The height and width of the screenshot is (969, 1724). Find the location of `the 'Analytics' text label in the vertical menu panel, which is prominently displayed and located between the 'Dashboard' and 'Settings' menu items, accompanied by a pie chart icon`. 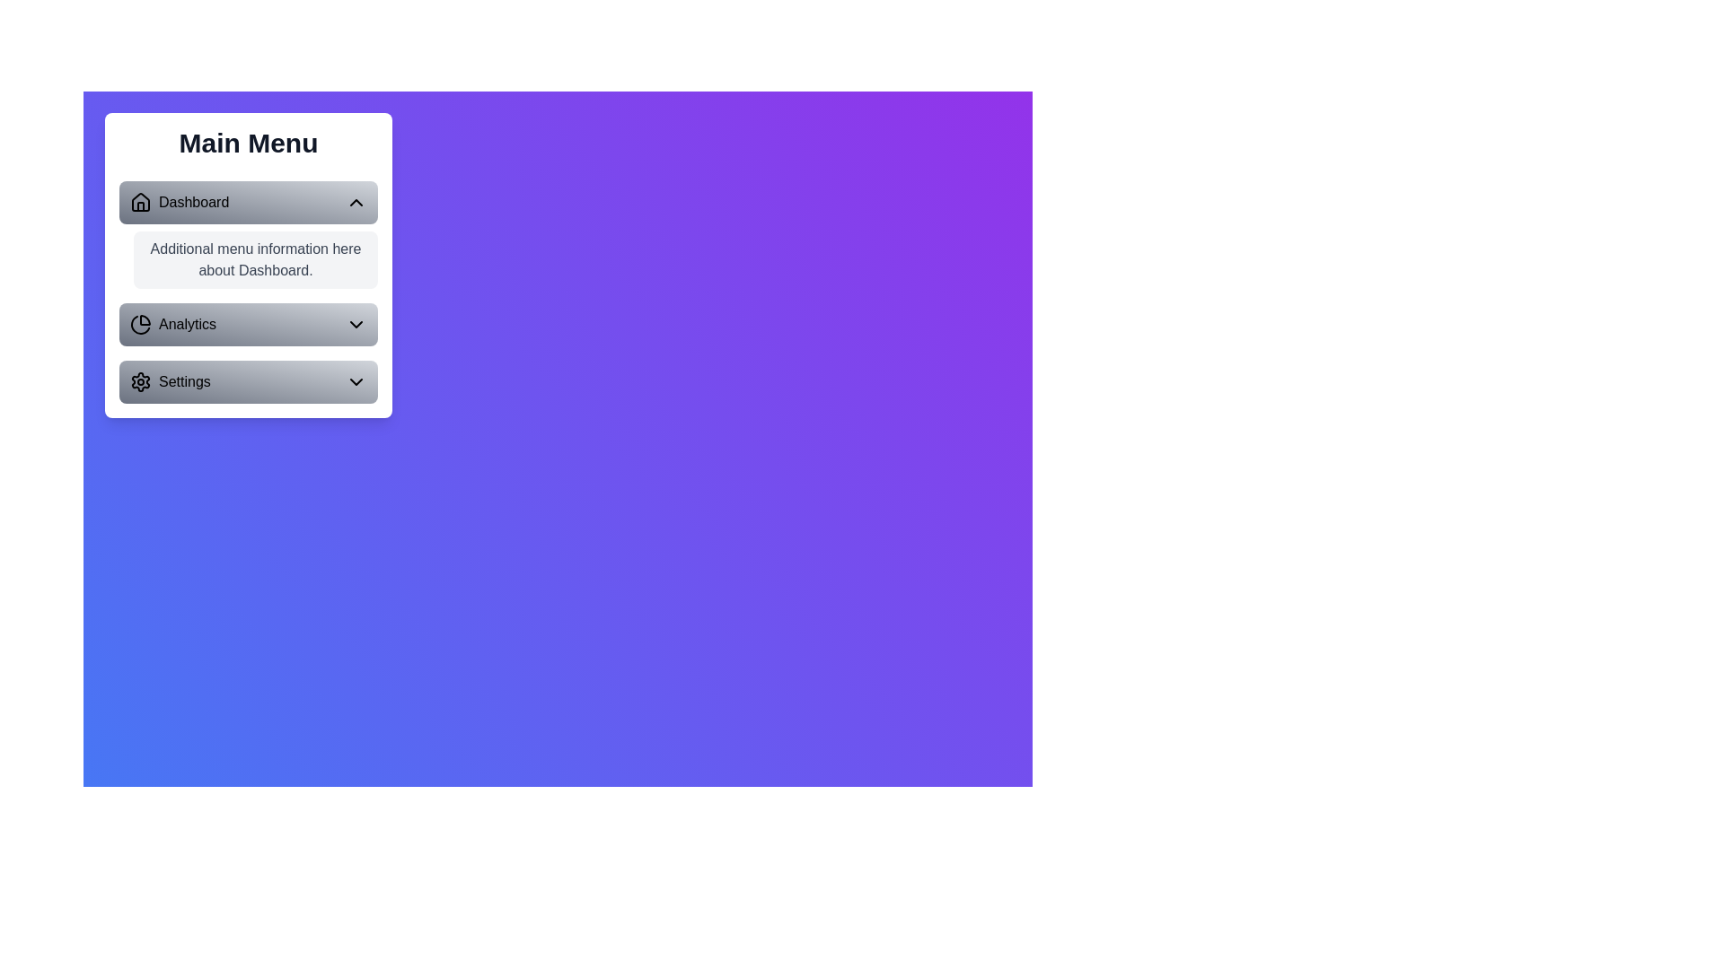

the 'Analytics' text label in the vertical menu panel, which is prominently displayed and located between the 'Dashboard' and 'Settings' menu items, accompanied by a pie chart icon is located at coordinates (188, 325).